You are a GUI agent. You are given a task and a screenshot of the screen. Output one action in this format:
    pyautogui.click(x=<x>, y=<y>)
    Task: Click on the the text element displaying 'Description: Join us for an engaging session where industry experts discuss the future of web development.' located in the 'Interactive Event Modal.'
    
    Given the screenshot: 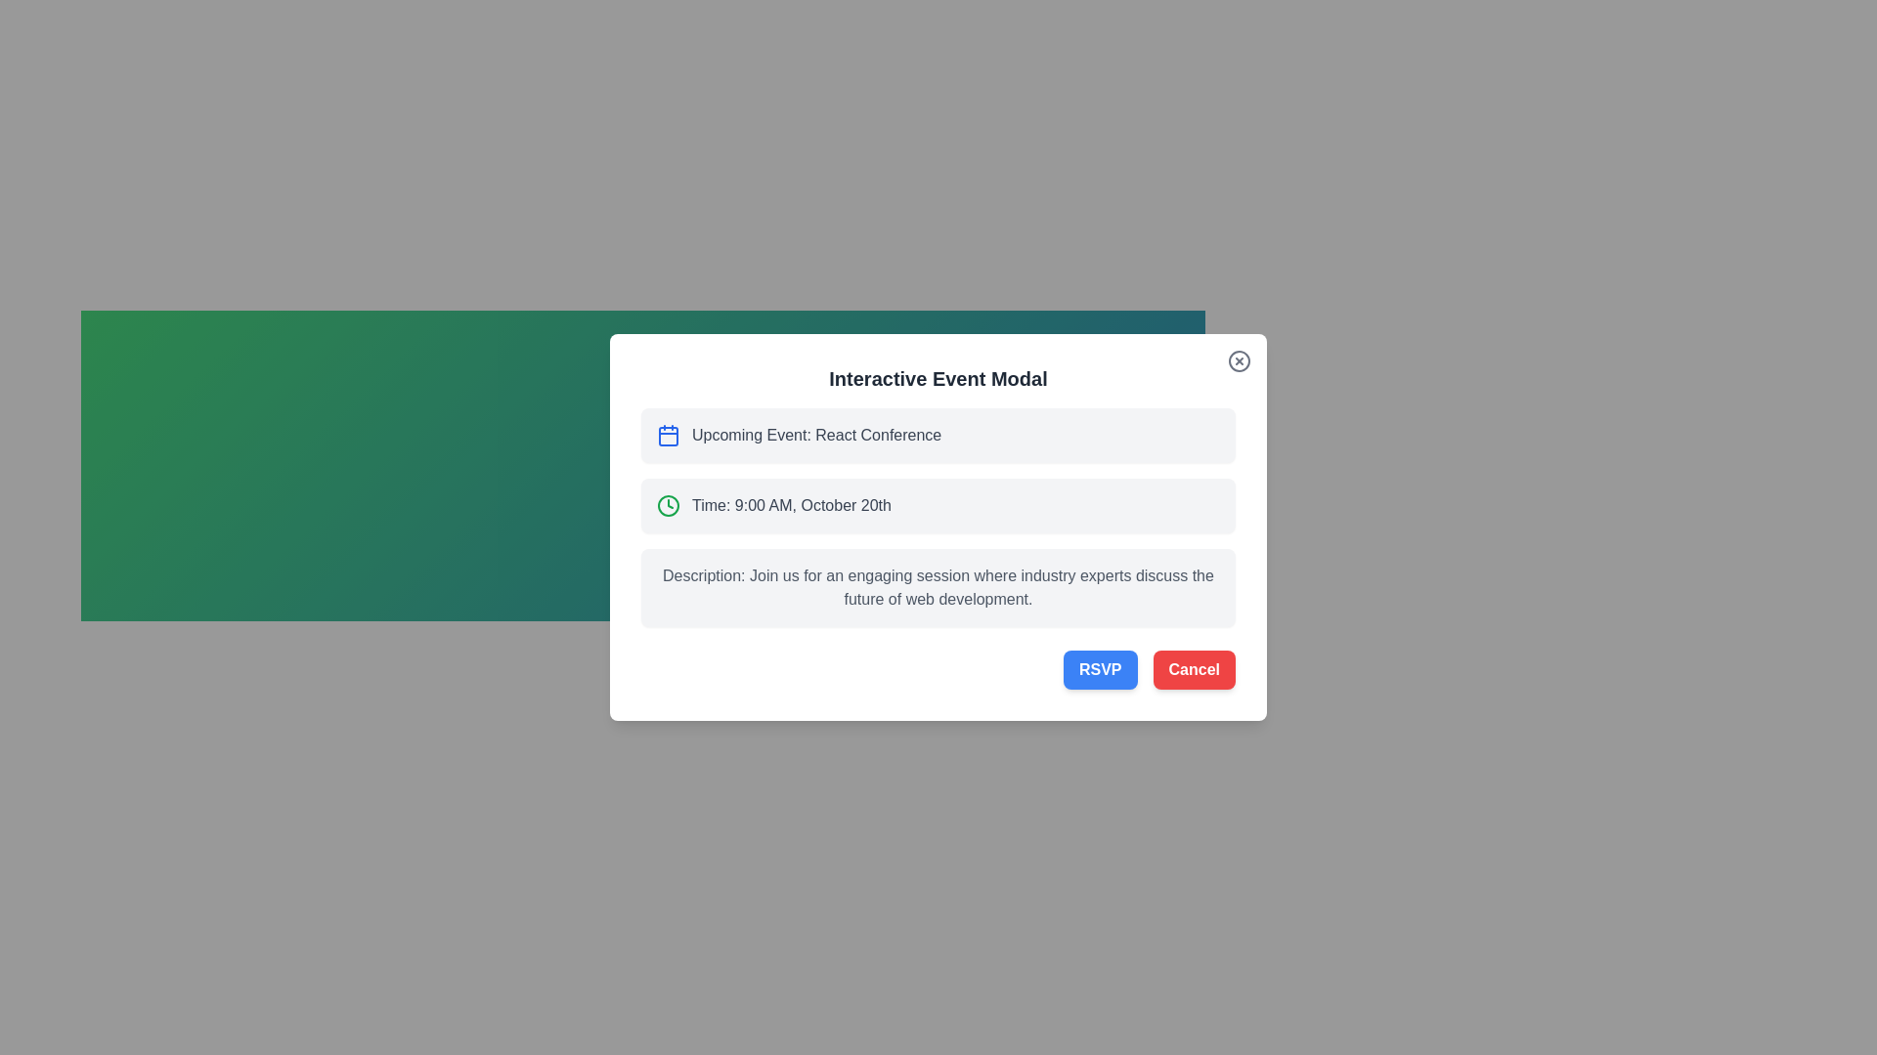 What is the action you would take?
    pyautogui.click(x=938, y=586)
    